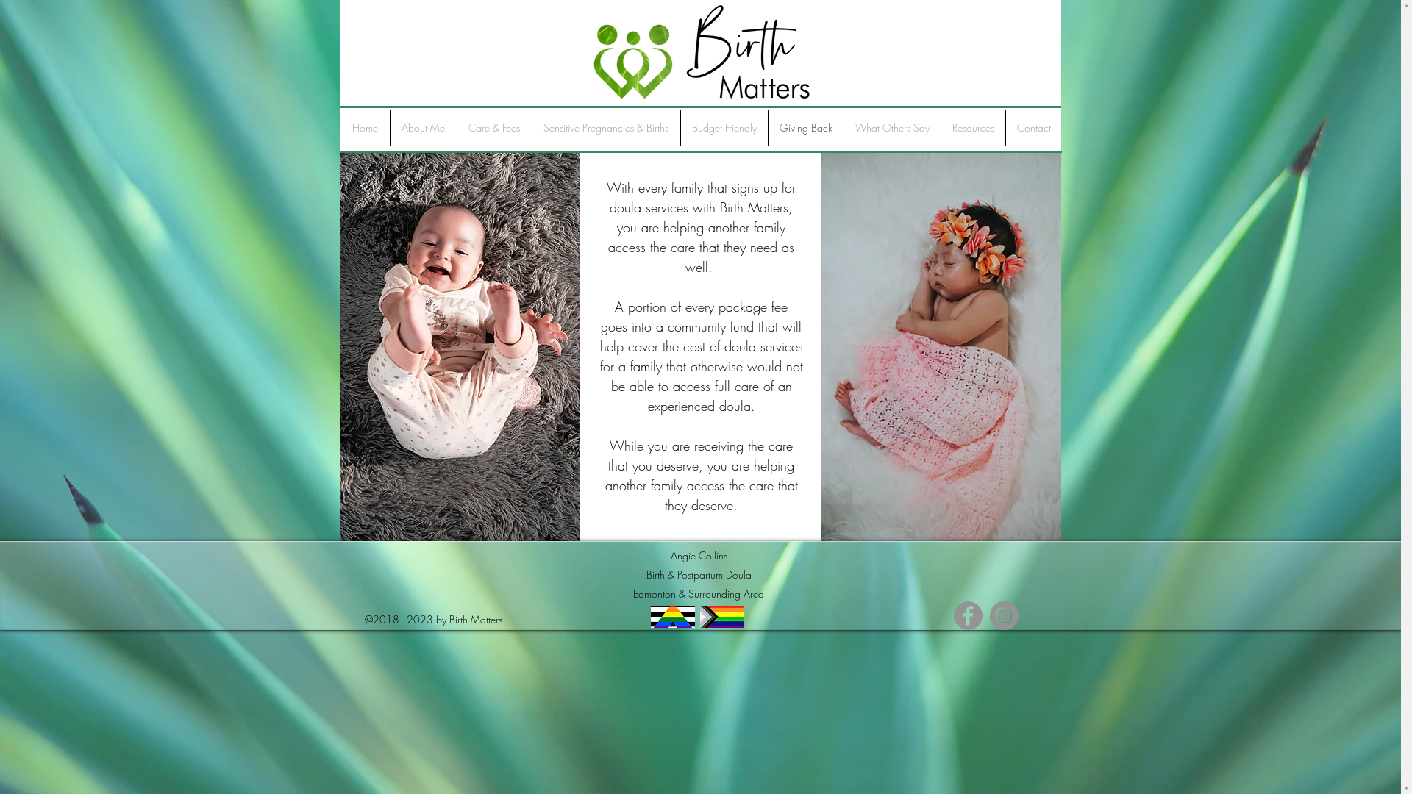 The image size is (1412, 794). What do you see at coordinates (422, 126) in the screenshot?
I see `'About Me'` at bounding box center [422, 126].